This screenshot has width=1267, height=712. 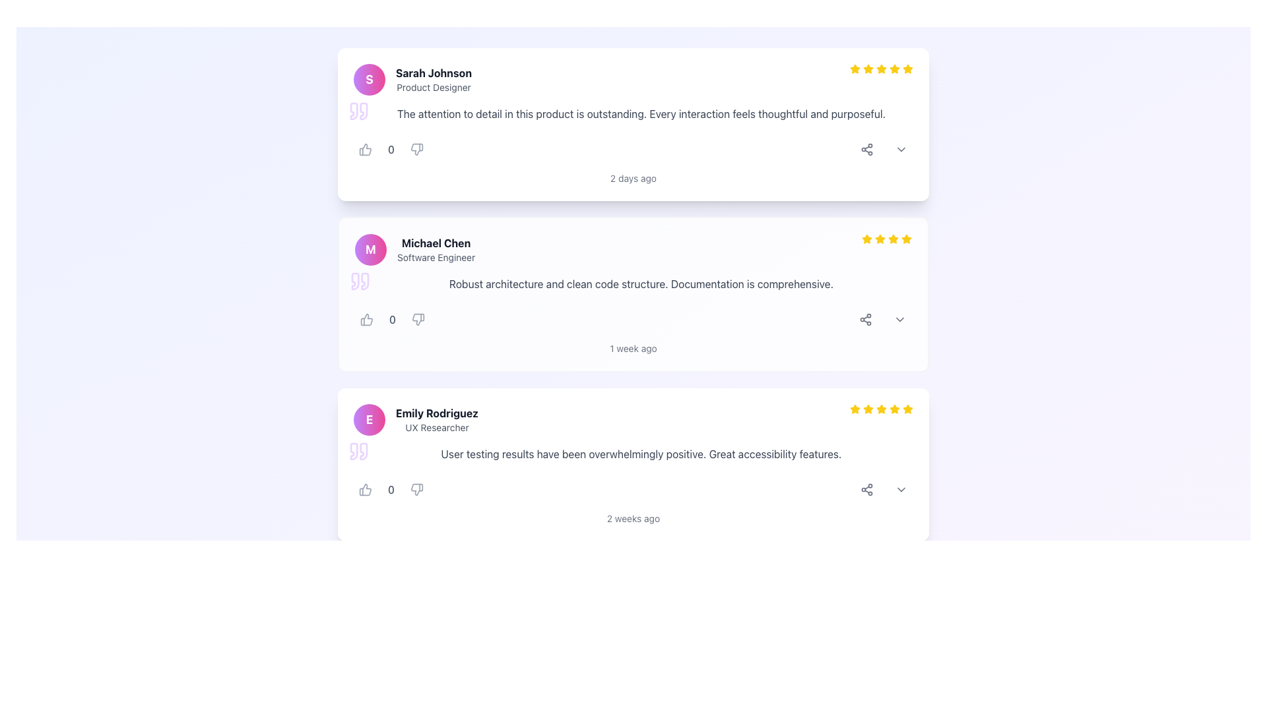 I want to click on the fourth star icon in the rating system, which is part of the product review section, so click(x=893, y=239).